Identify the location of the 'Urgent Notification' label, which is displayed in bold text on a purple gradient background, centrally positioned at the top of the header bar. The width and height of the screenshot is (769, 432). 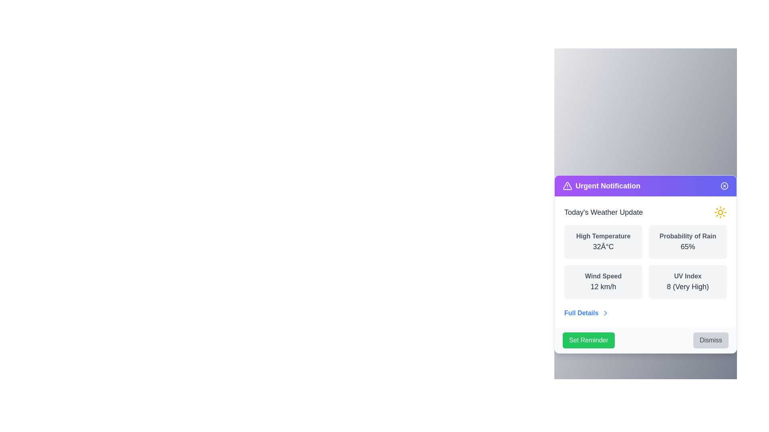
(602, 186).